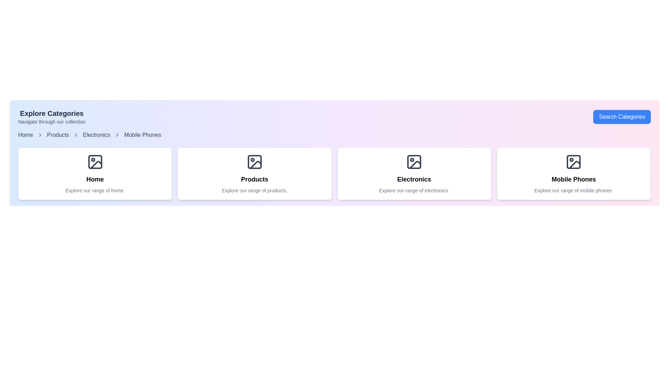 Image resolution: width=670 pixels, height=377 pixels. I want to click on the icon with a picture symbol, which is dark gray and located at the center-top of the 'Products' card, so click(254, 162).